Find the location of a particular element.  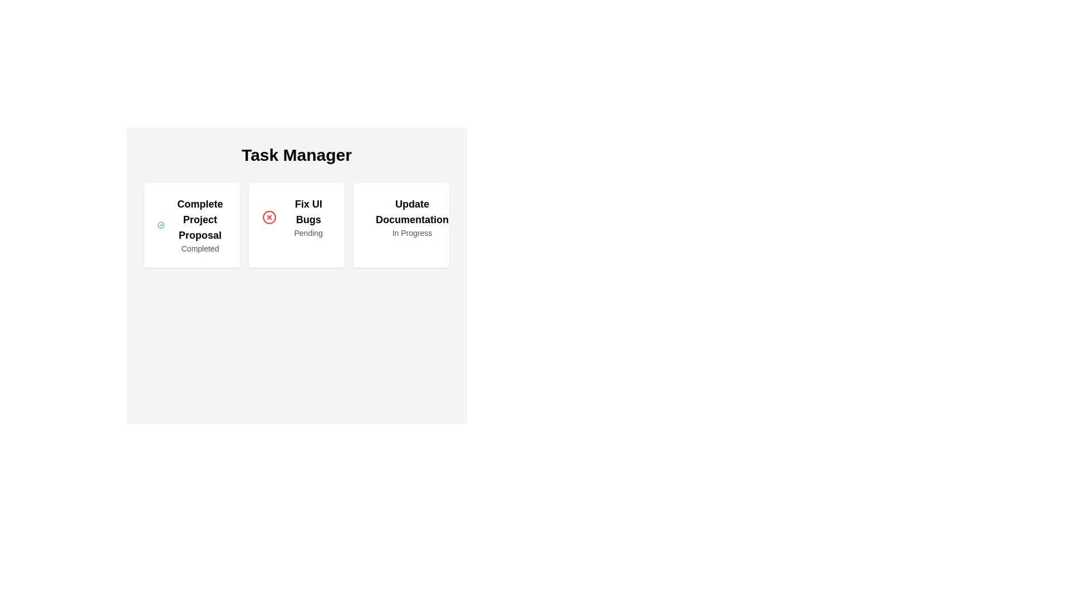

the Information card displaying the task titled 'Complete Project Proposal' with status 'Completed', located in the top-left corner of the grid layout is located at coordinates (192, 225).